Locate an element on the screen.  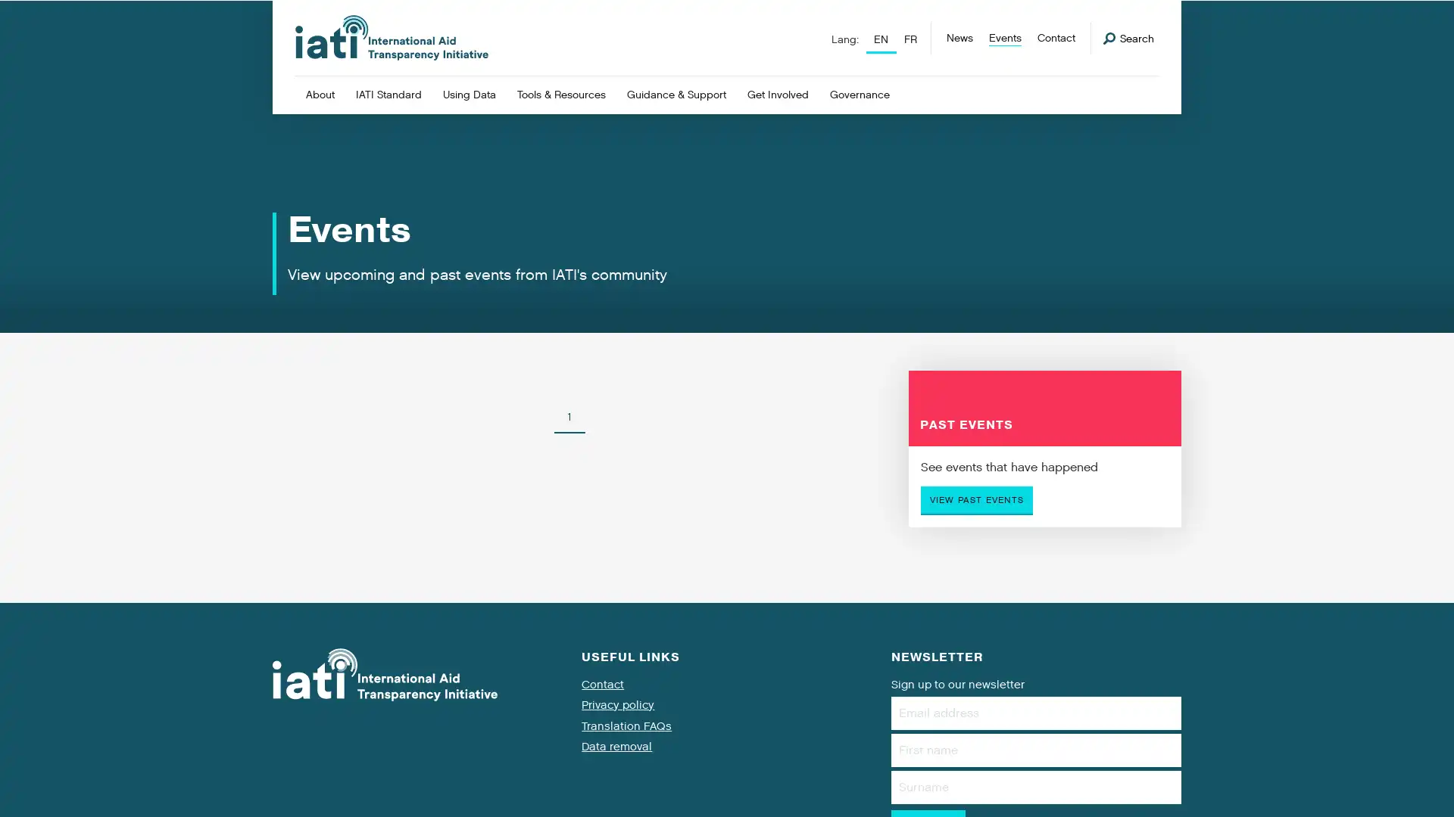
Search is located at coordinates (1128, 38).